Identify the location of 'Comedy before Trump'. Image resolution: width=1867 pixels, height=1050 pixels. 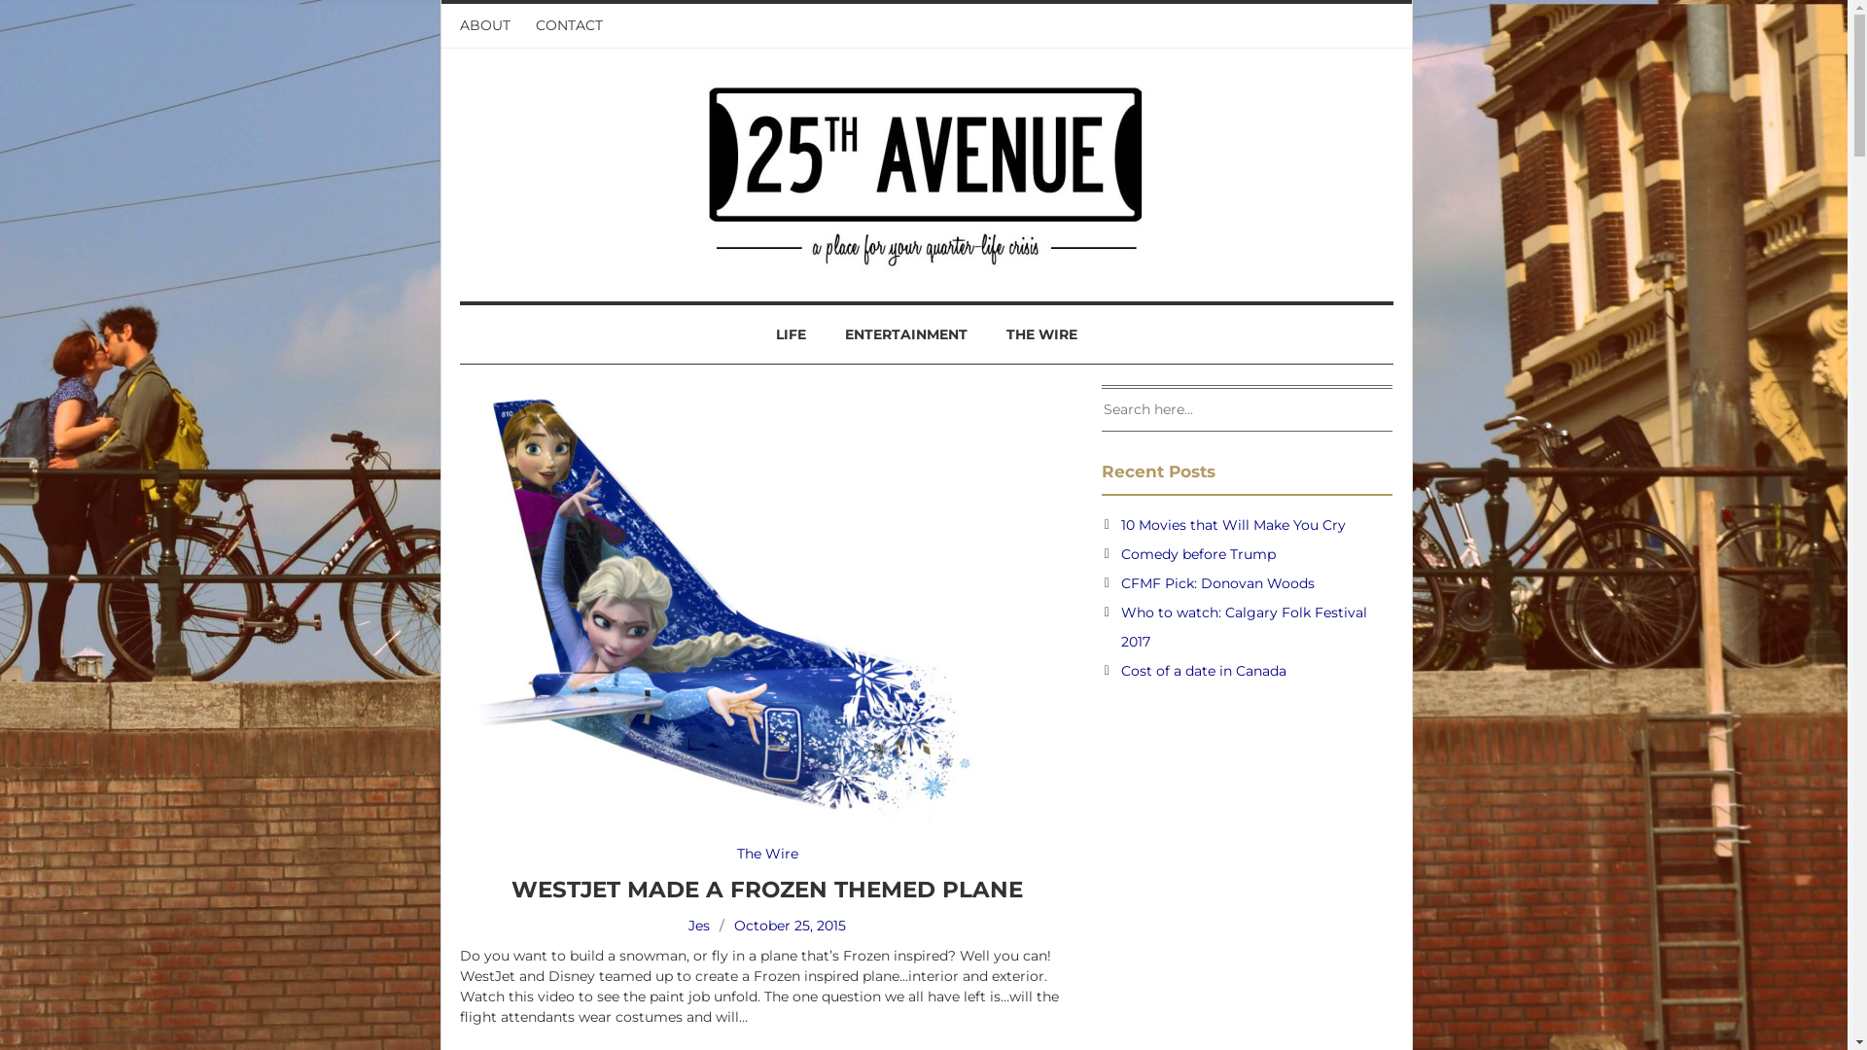
(1197, 554).